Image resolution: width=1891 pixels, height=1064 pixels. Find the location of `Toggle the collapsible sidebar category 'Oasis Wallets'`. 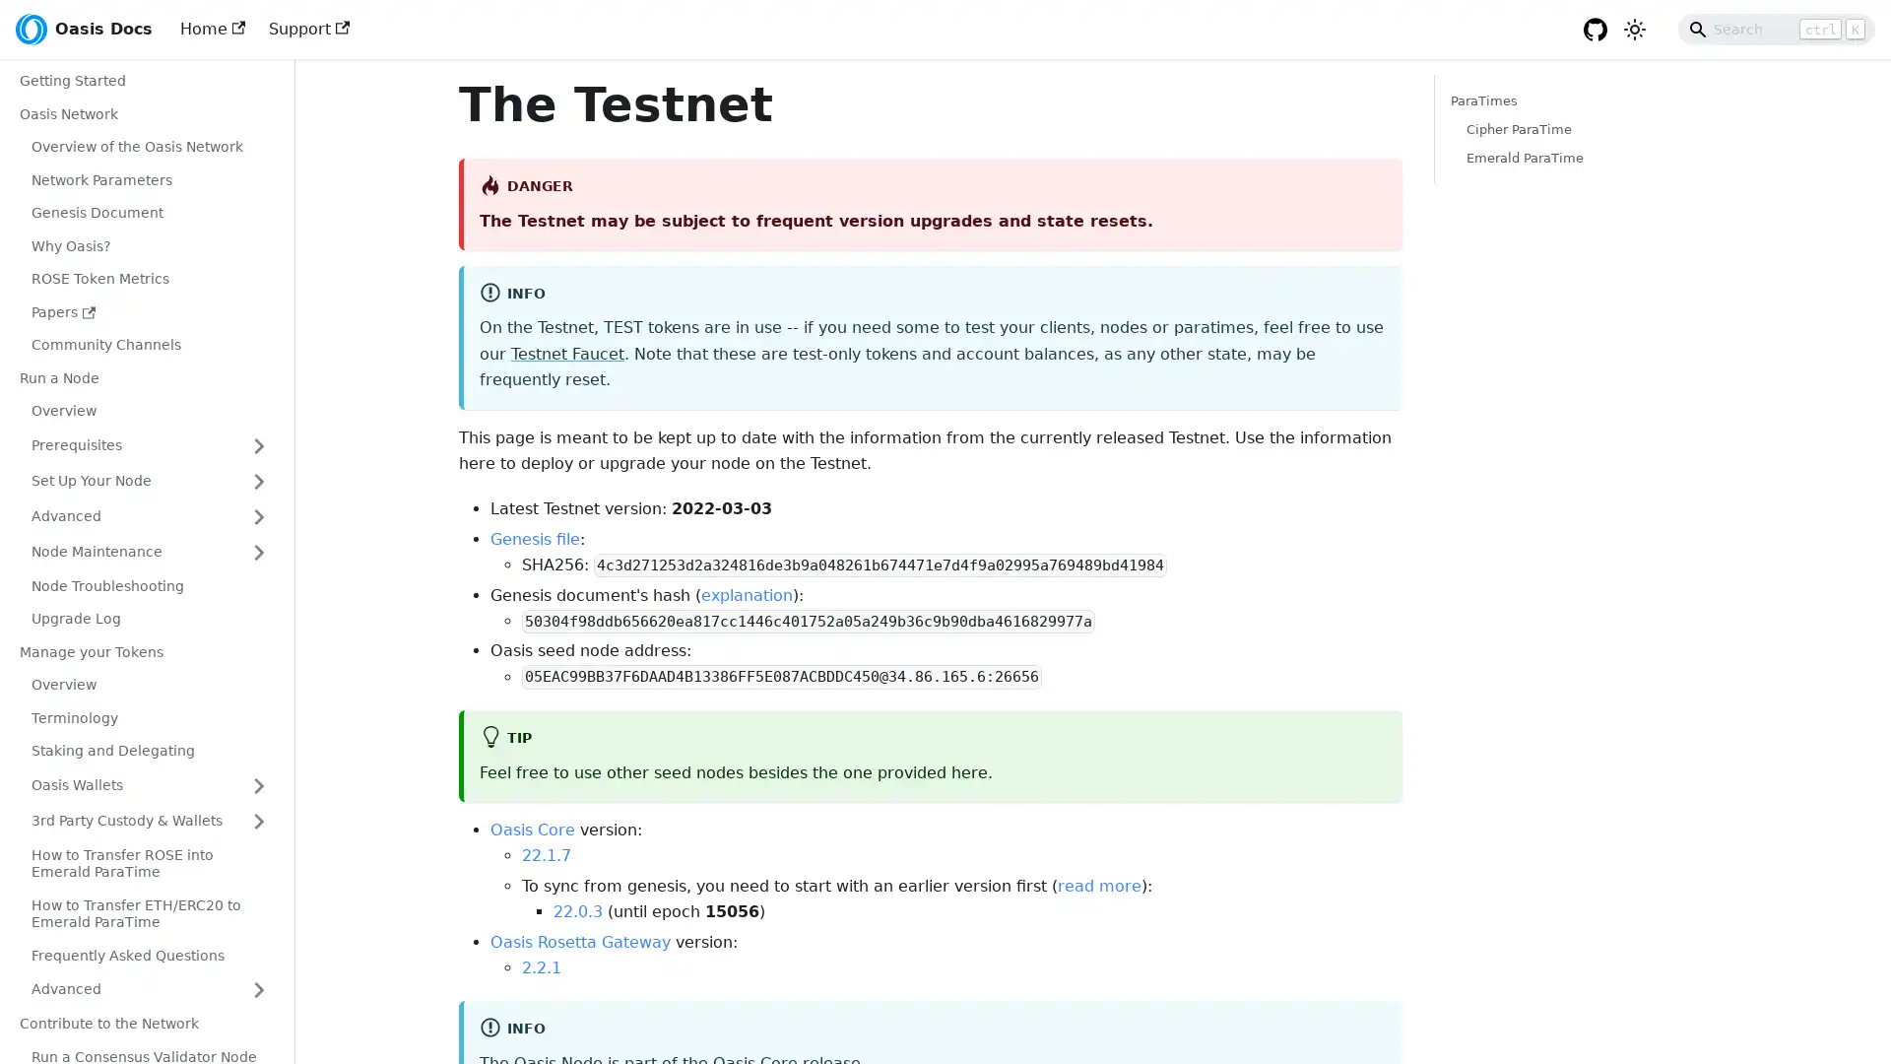

Toggle the collapsible sidebar category 'Oasis Wallets' is located at coordinates (258, 784).